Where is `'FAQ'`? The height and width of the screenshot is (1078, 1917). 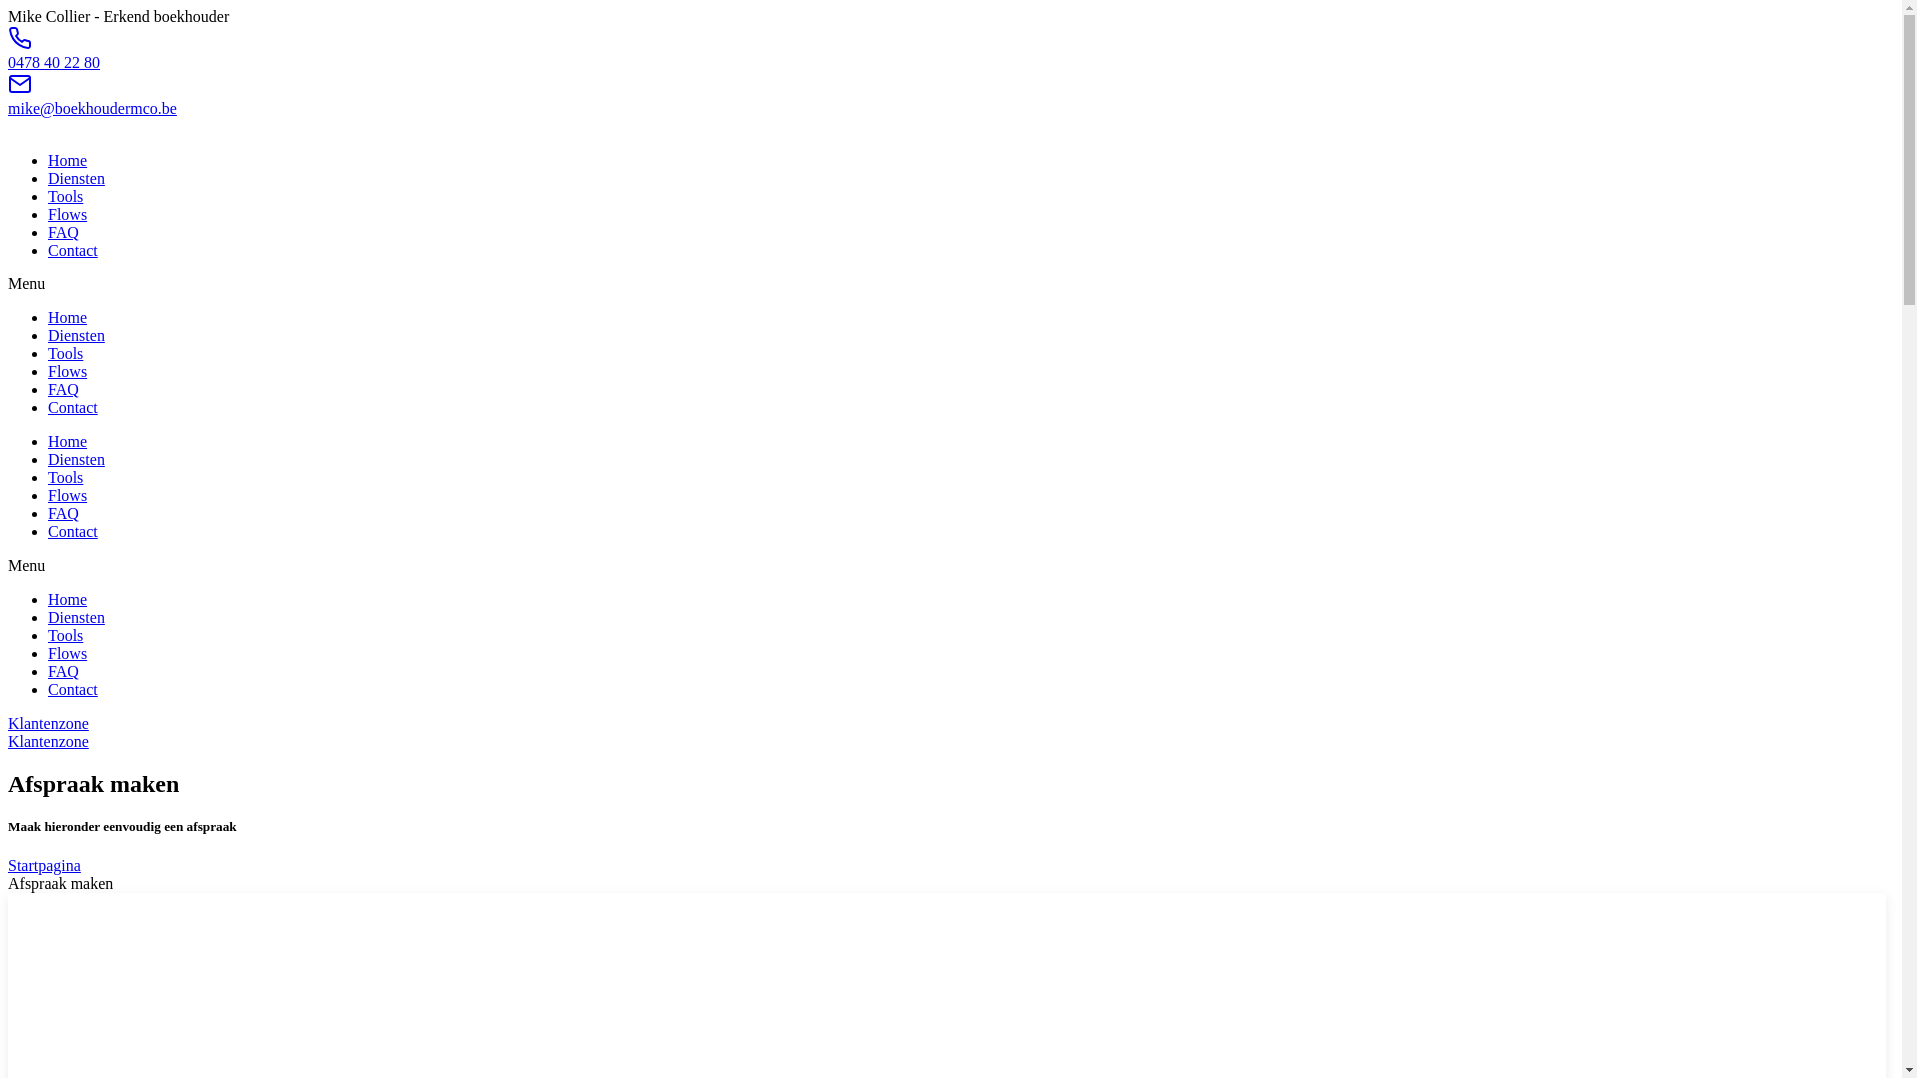 'FAQ' is located at coordinates (63, 389).